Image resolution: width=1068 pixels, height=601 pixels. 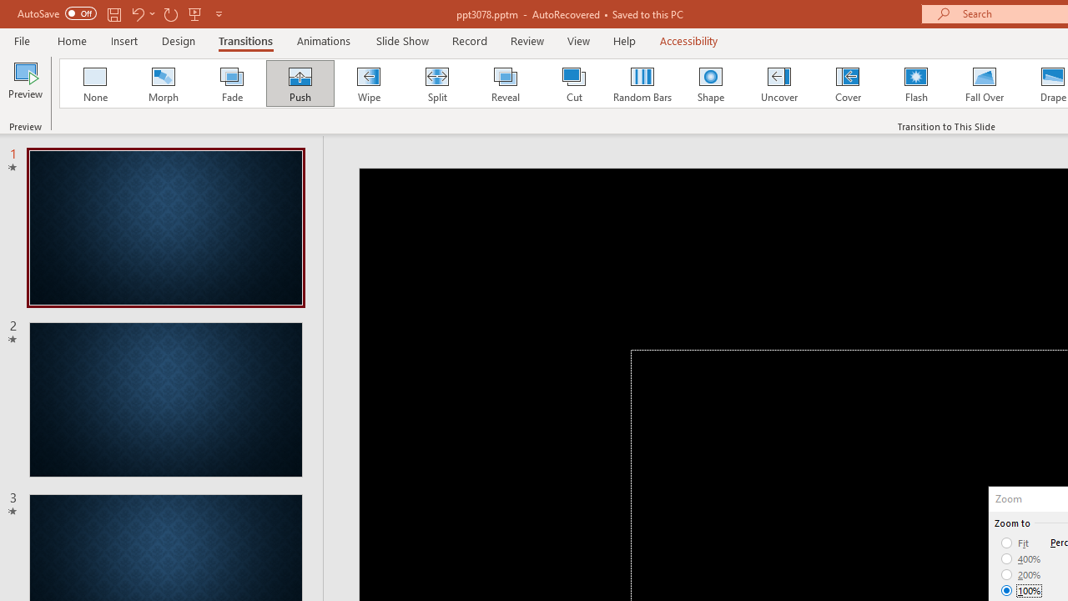 What do you see at coordinates (985, 83) in the screenshot?
I see `'Fall Over'` at bounding box center [985, 83].